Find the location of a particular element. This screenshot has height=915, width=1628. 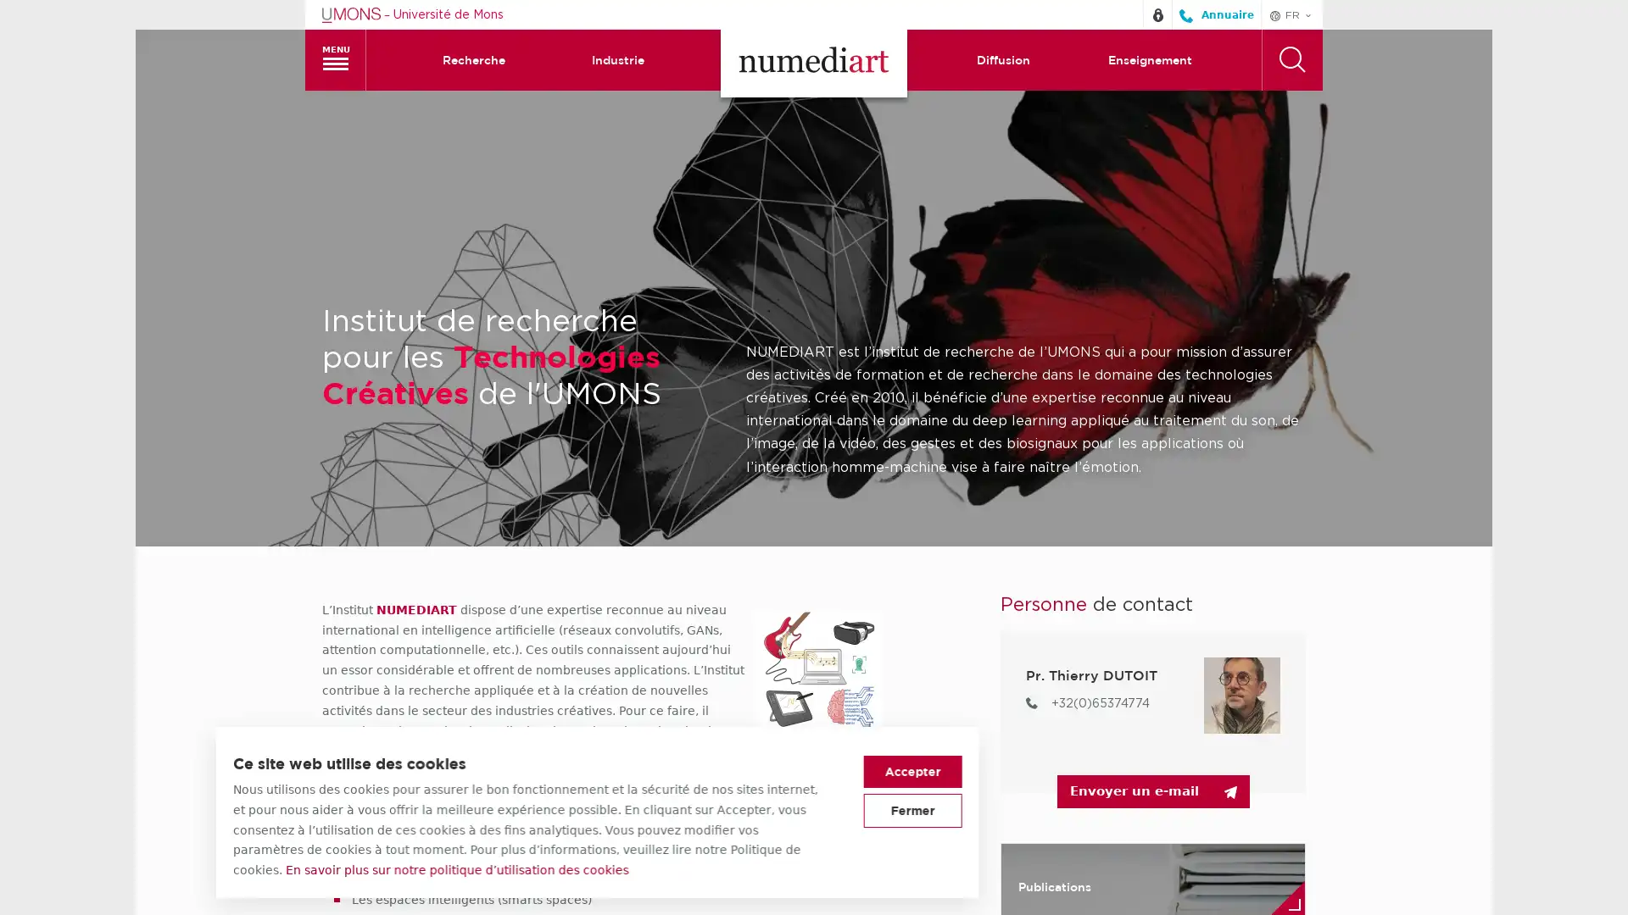

Accepter is located at coordinates (1129, 771).